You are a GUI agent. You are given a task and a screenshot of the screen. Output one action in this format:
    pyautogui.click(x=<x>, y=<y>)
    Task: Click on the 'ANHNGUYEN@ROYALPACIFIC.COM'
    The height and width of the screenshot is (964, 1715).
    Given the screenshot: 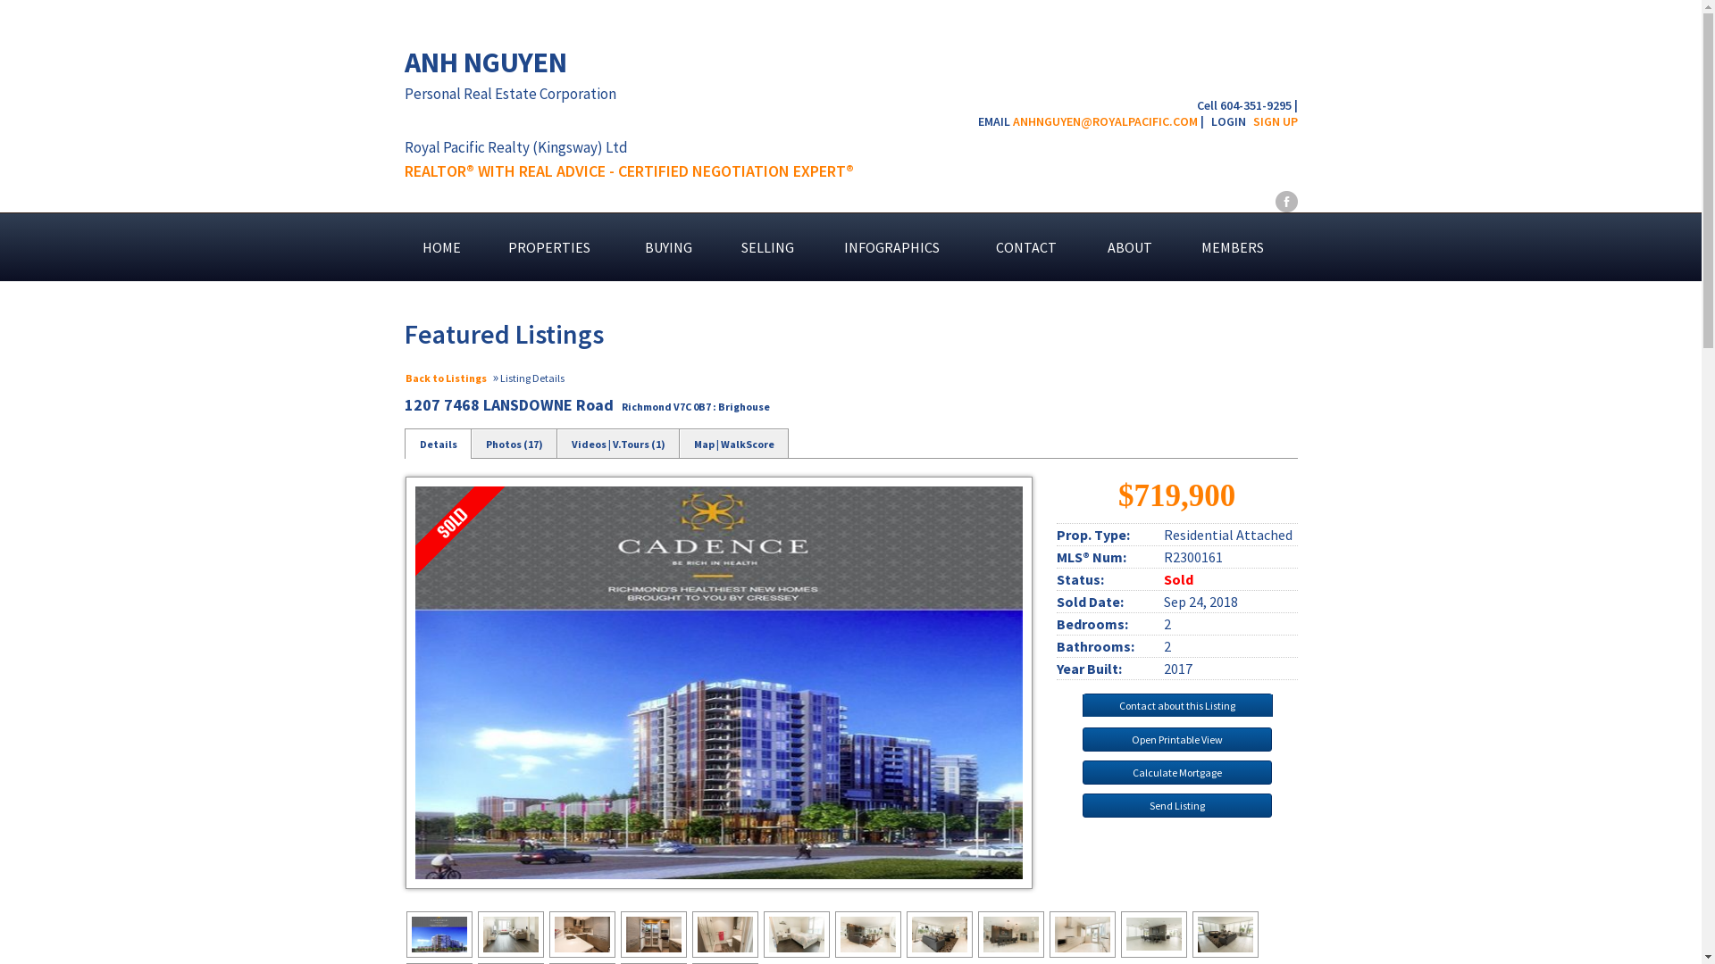 What is the action you would take?
    pyautogui.click(x=1104, y=120)
    